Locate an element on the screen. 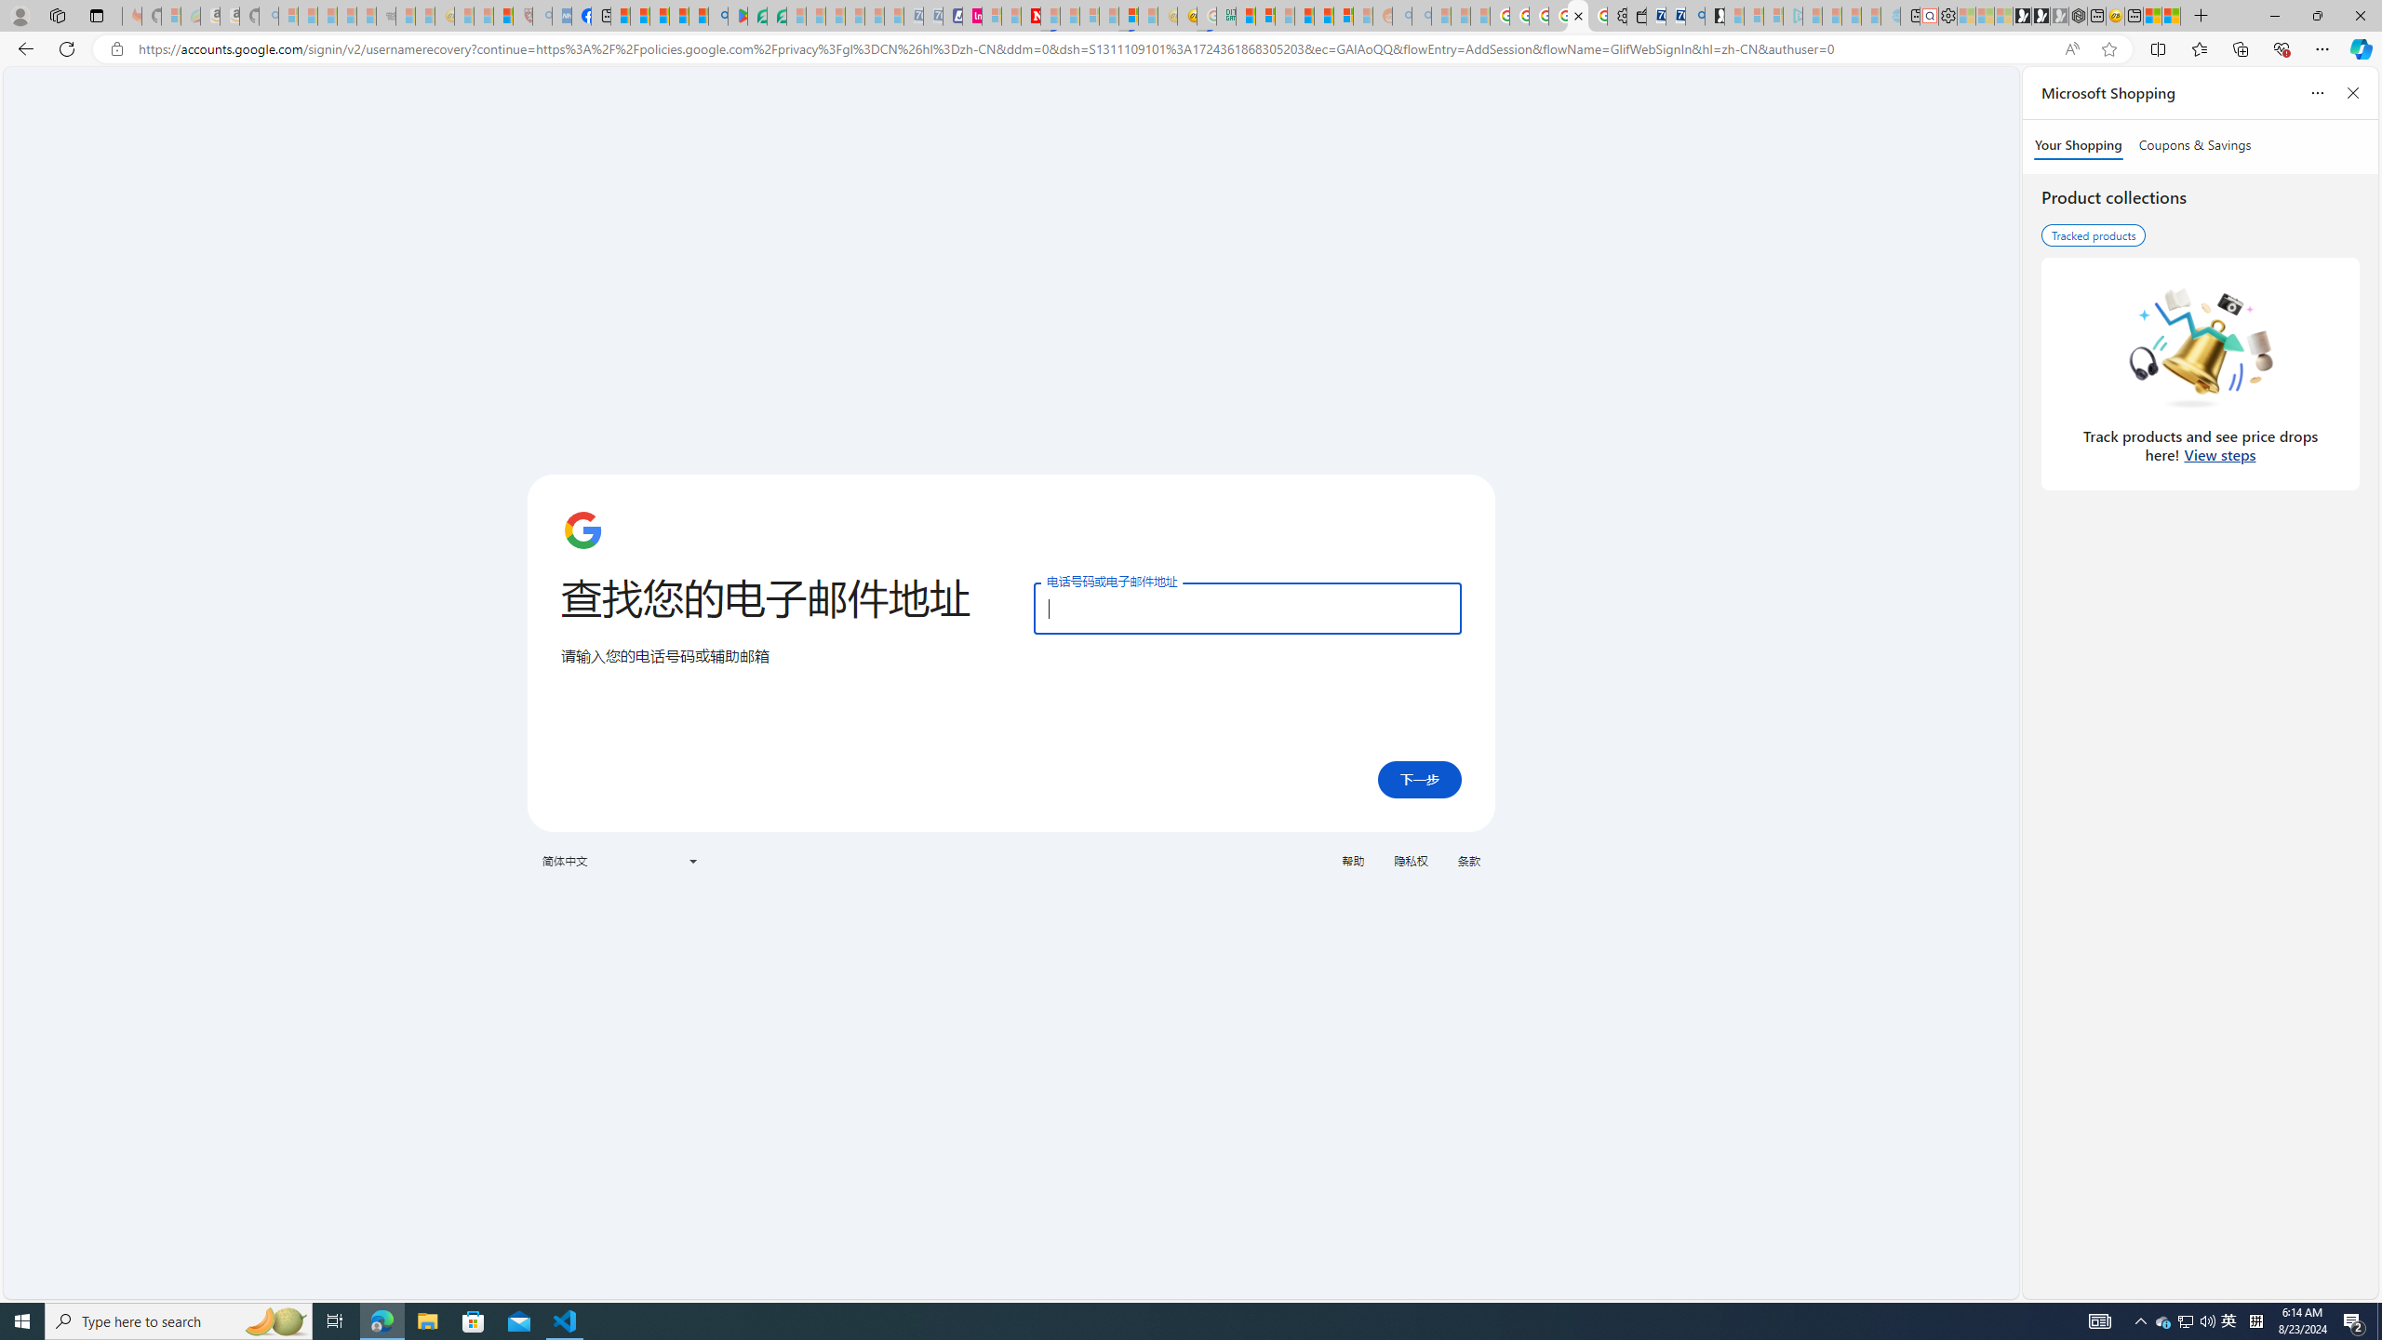  'Expert Portfolios' is located at coordinates (1304, 15).